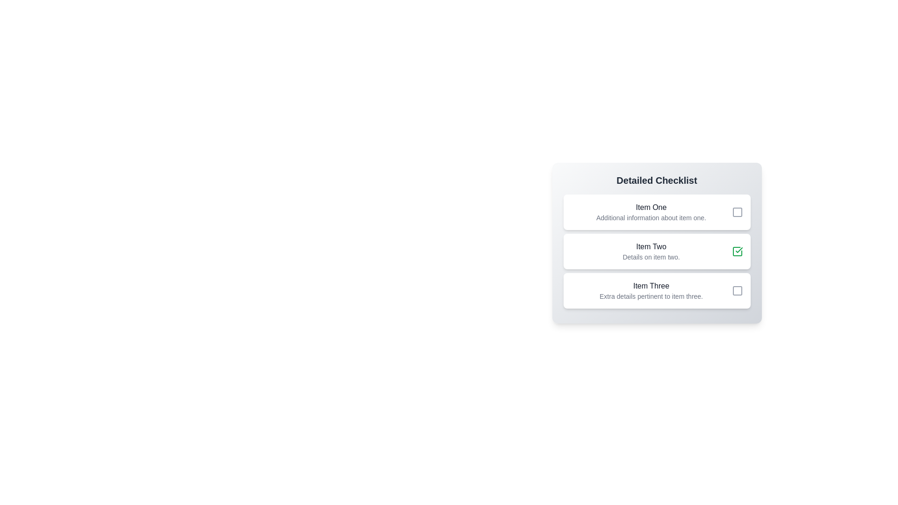 This screenshot has height=505, width=898. I want to click on the graphic component icon within the SVG element representing 'Item Three' located at the bottom-right section of the card, so click(737, 290).